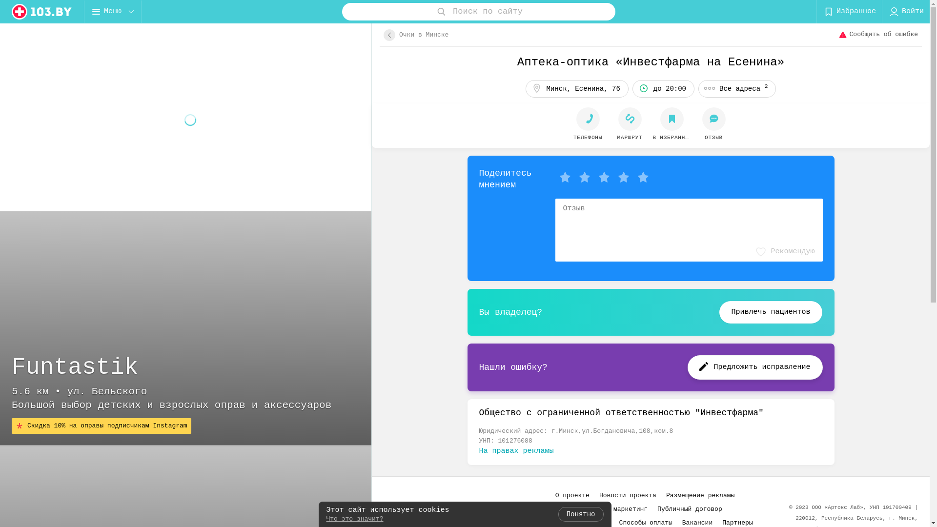 The image size is (937, 527). I want to click on 'logo', so click(12, 11).